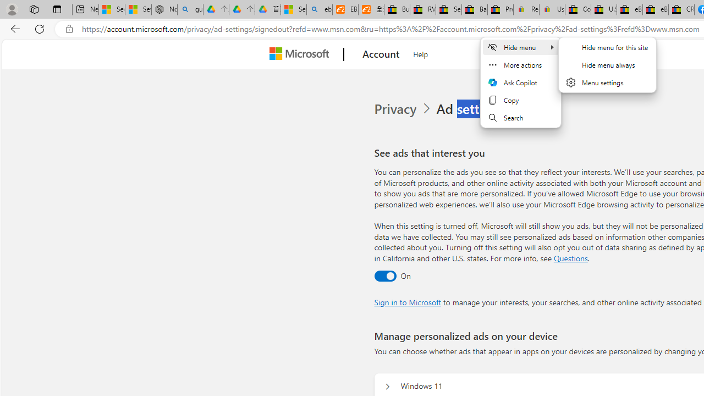  I want to click on 'Help', so click(420, 53).